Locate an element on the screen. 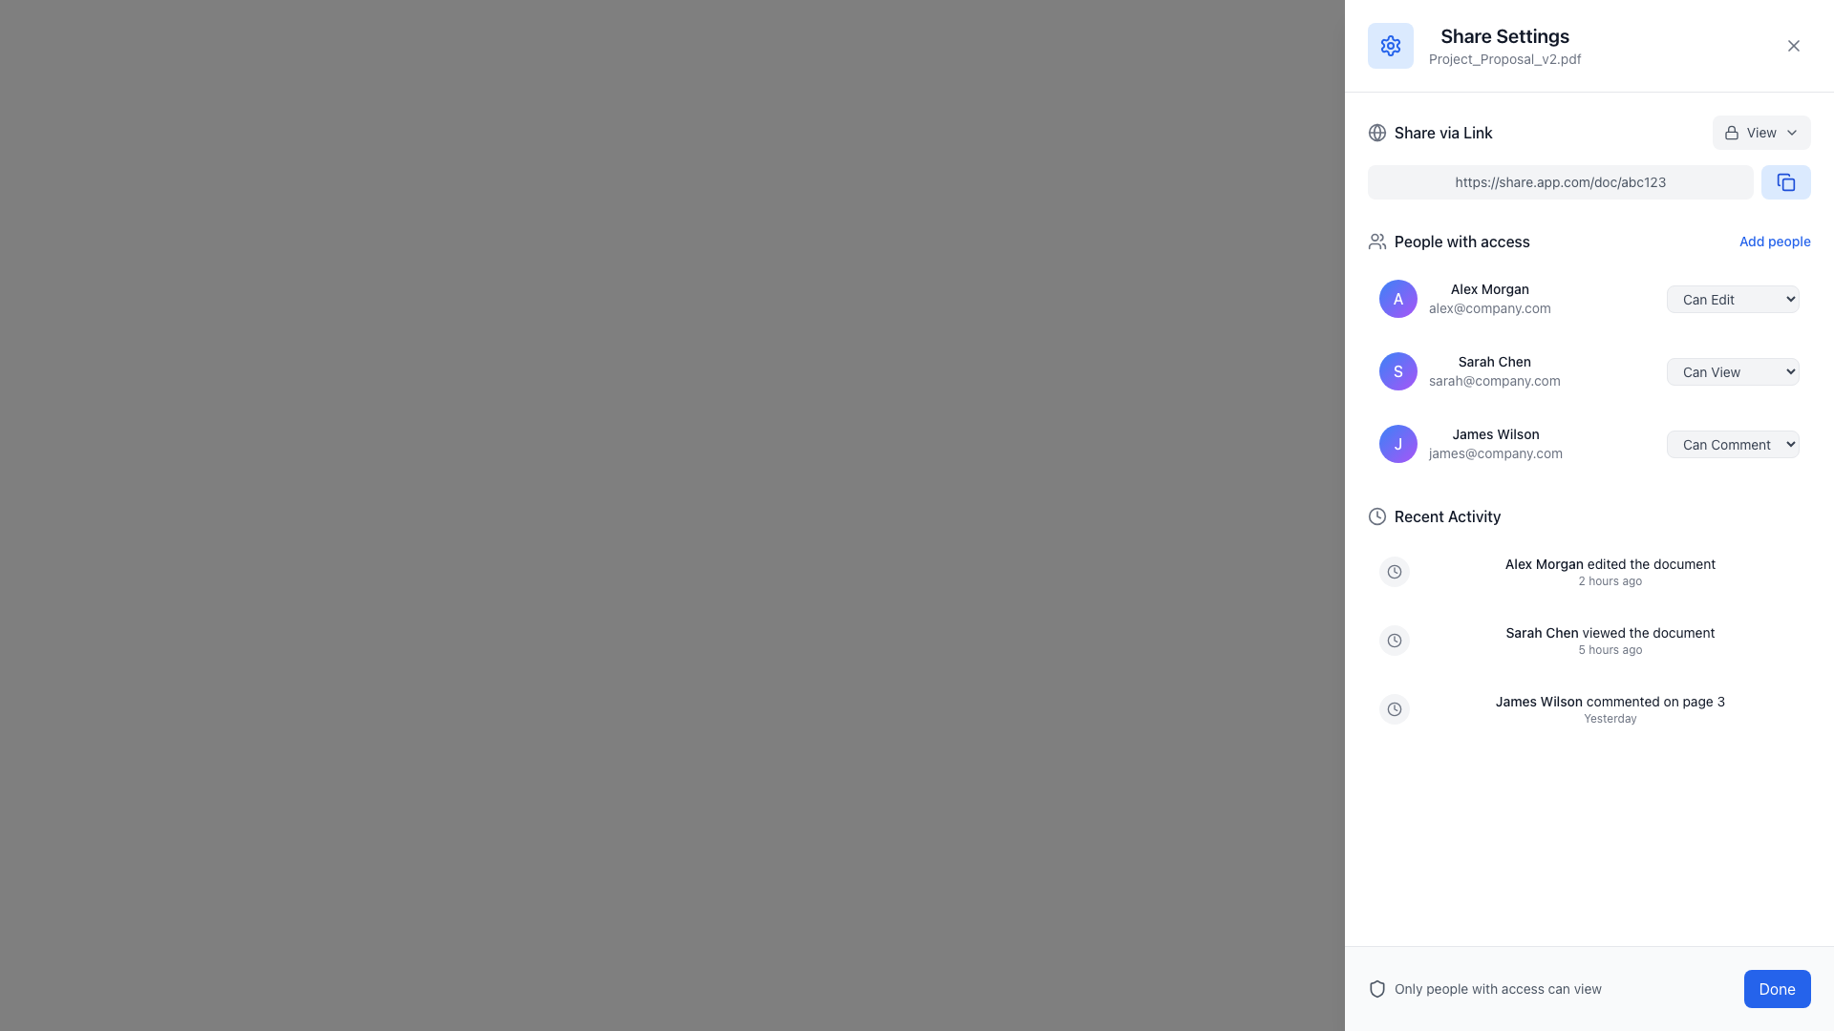 The height and width of the screenshot is (1031, 1834). the time-related icon located to the left of the entry for 'James Wilson commented on page 3' is located at coordinates (1394, 709).